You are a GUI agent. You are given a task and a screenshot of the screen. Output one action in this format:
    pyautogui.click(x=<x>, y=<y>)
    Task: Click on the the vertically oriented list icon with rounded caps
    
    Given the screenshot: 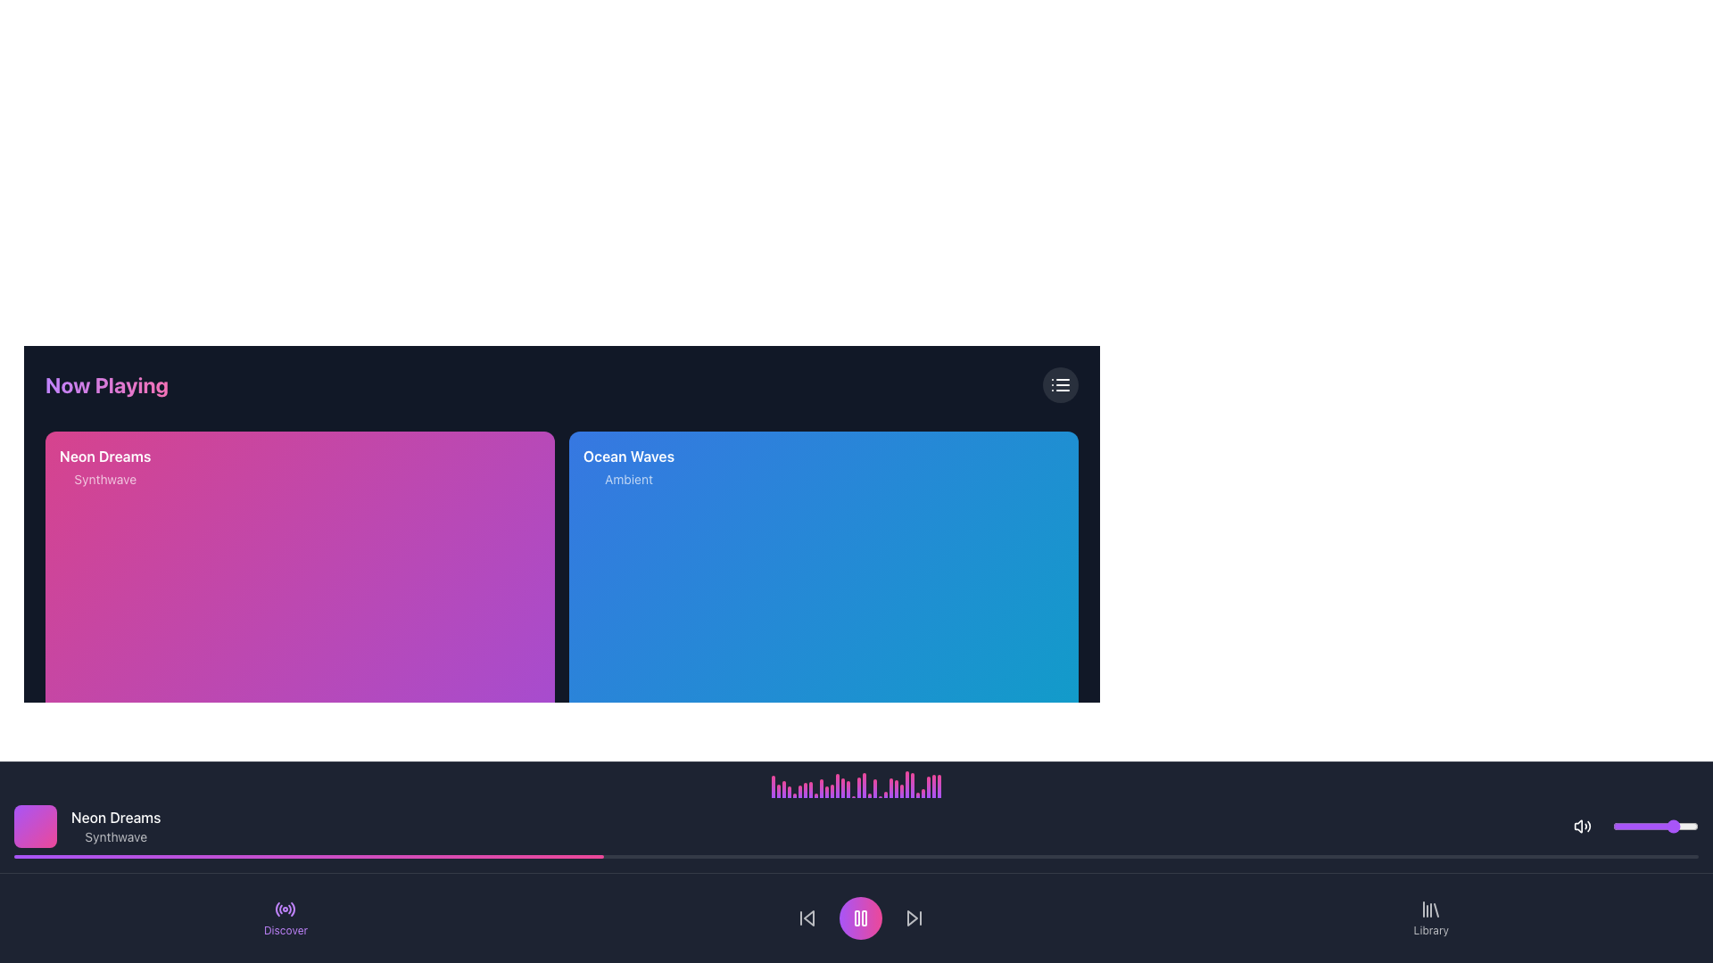 What is the action you would take?
    pyautogui.click(x=1061, y=384)
    